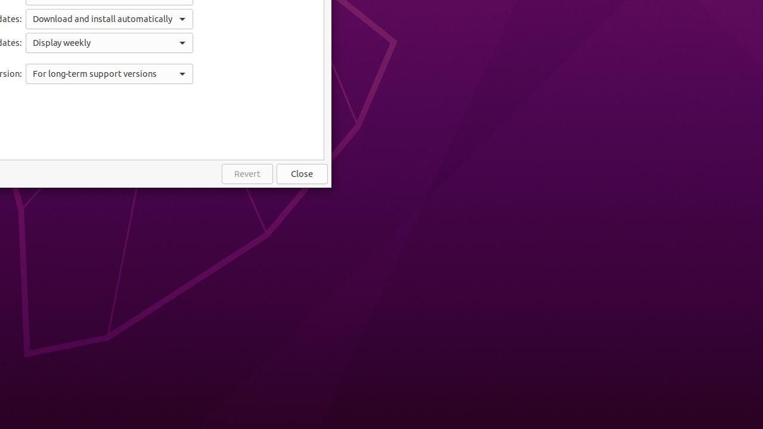  What do you see at coordinates (302, 174) in the screenshot?
I see `'Close'` at bounding box center [302, 174].